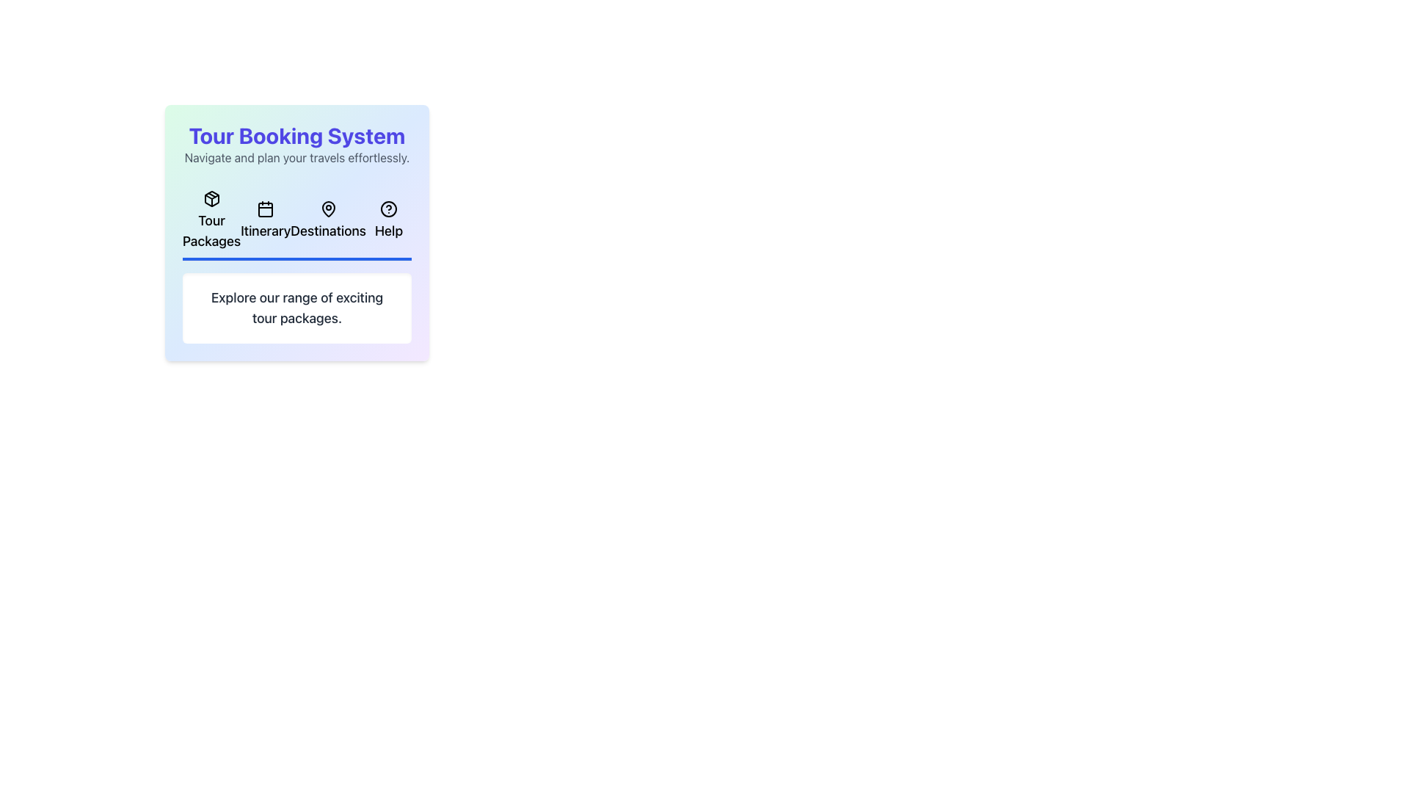 Image resolution: width=1409 pixels, height=793 pixels. I want to click on the light blue rectangular calendar icon located in the center of the 'Tour Booking System' card, which is the second icon from the left in a row of icons, so click(266, 209).